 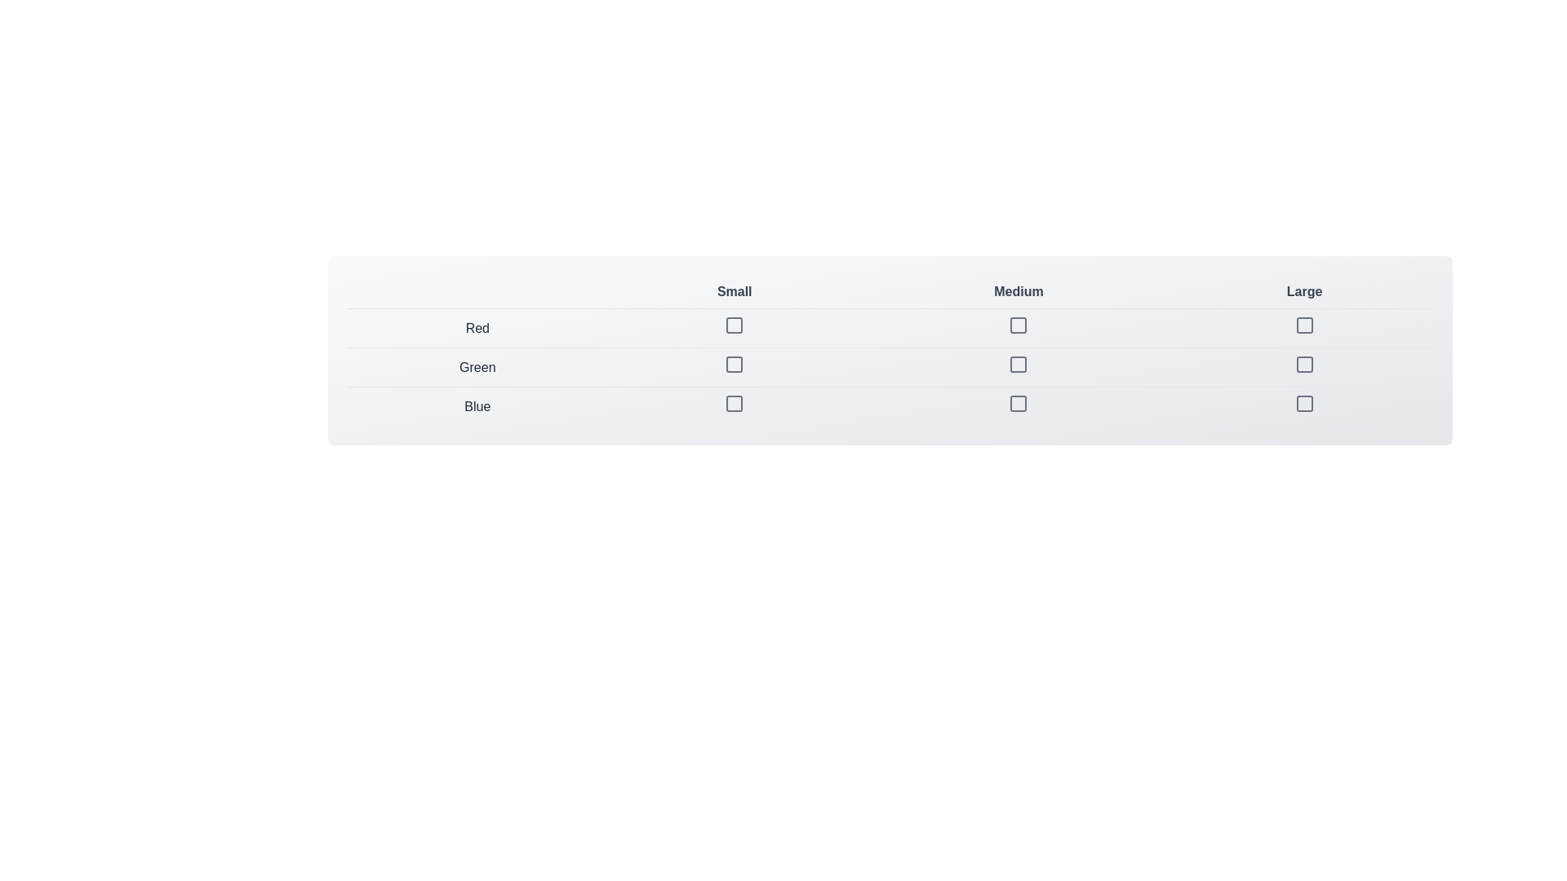 What do you see at coordinates (1018, 403) in the screenshot?
I see `the checkbox for the 'Medium' size in the 'Blue' color option` at bounding box center [1018, 403].